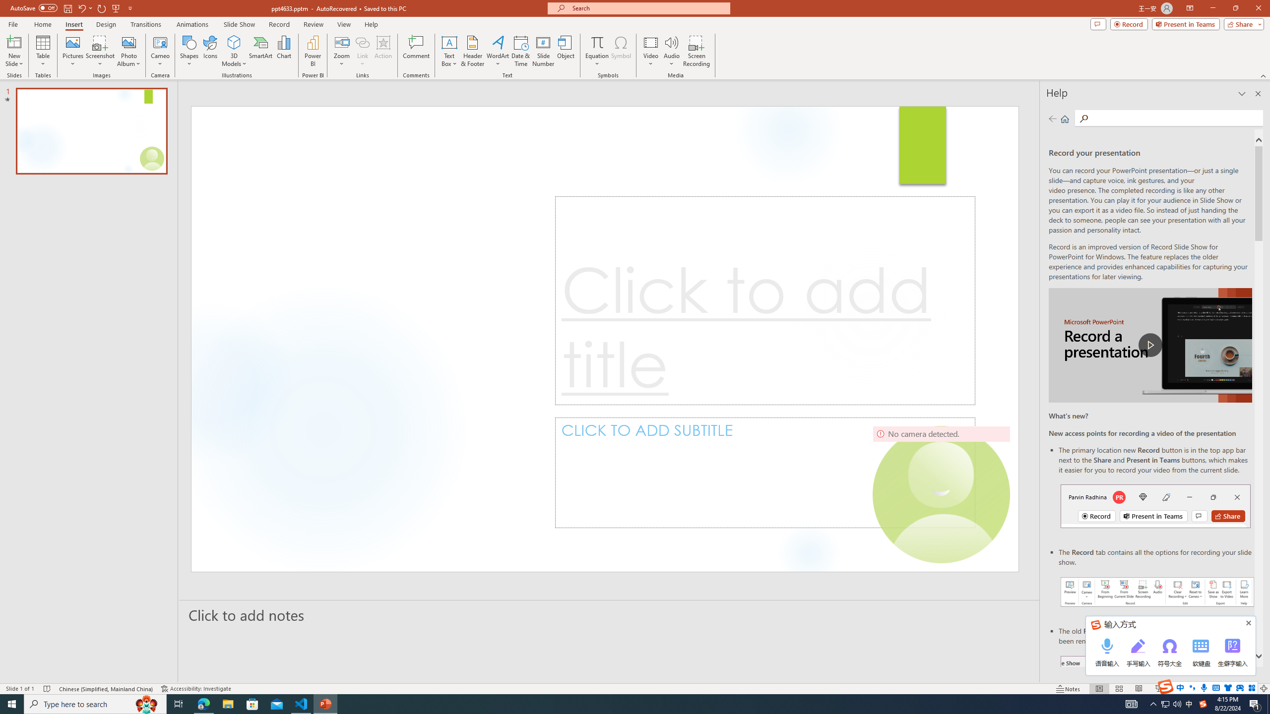 The width and height of the screenshot is (1270, 714). I want to click on 'Object...', so click(566, 51).